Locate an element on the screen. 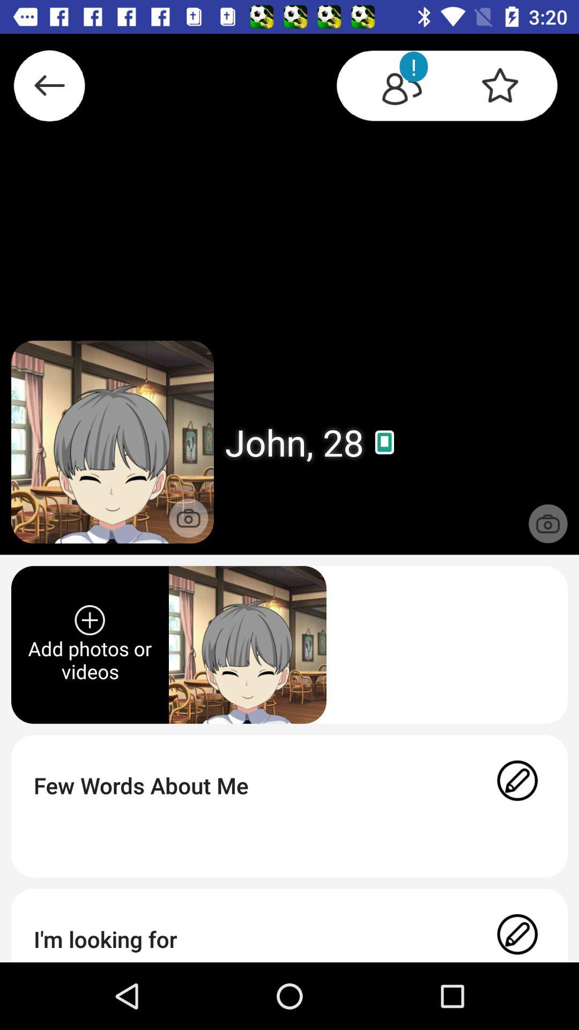 This screenshot has height=1030, width=579. the group icon is located at coordinates (392, 87).